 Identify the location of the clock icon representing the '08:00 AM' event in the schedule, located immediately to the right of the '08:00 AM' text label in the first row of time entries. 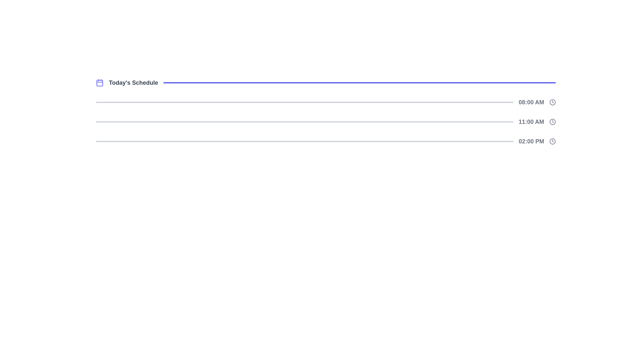
(552, 102).